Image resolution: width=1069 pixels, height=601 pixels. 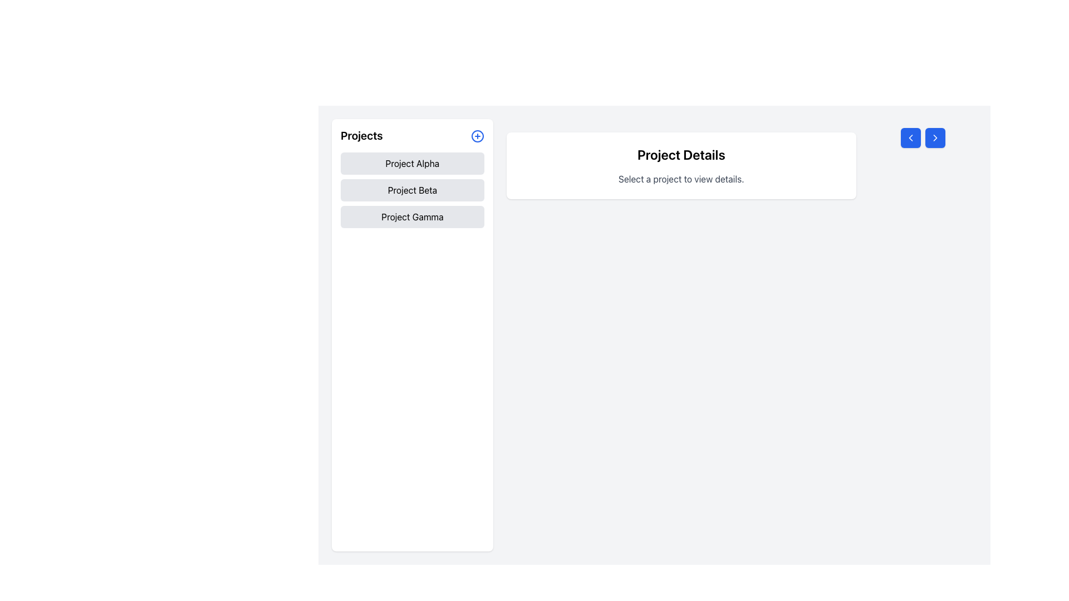 What do you see at coordinates (411, 163) in the screenshot?
I see `the rectangular button labeled 'Project Alpha' with a light gray background` at bounding box center [411, 163].